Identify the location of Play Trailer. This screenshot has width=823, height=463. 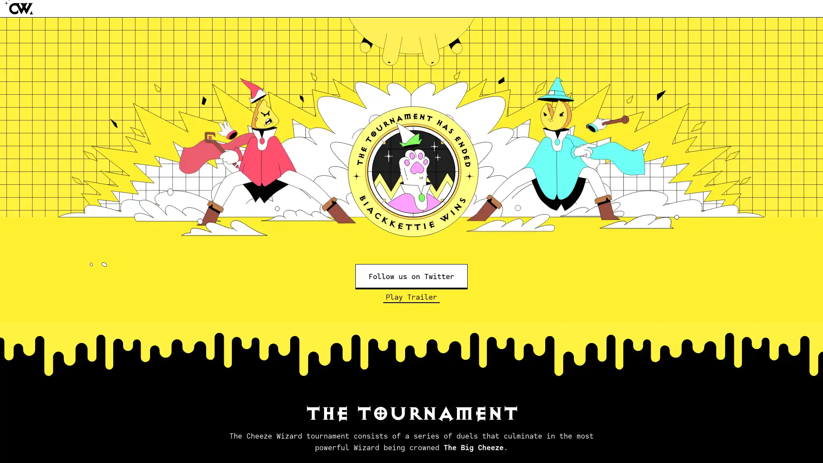
(411, 297).